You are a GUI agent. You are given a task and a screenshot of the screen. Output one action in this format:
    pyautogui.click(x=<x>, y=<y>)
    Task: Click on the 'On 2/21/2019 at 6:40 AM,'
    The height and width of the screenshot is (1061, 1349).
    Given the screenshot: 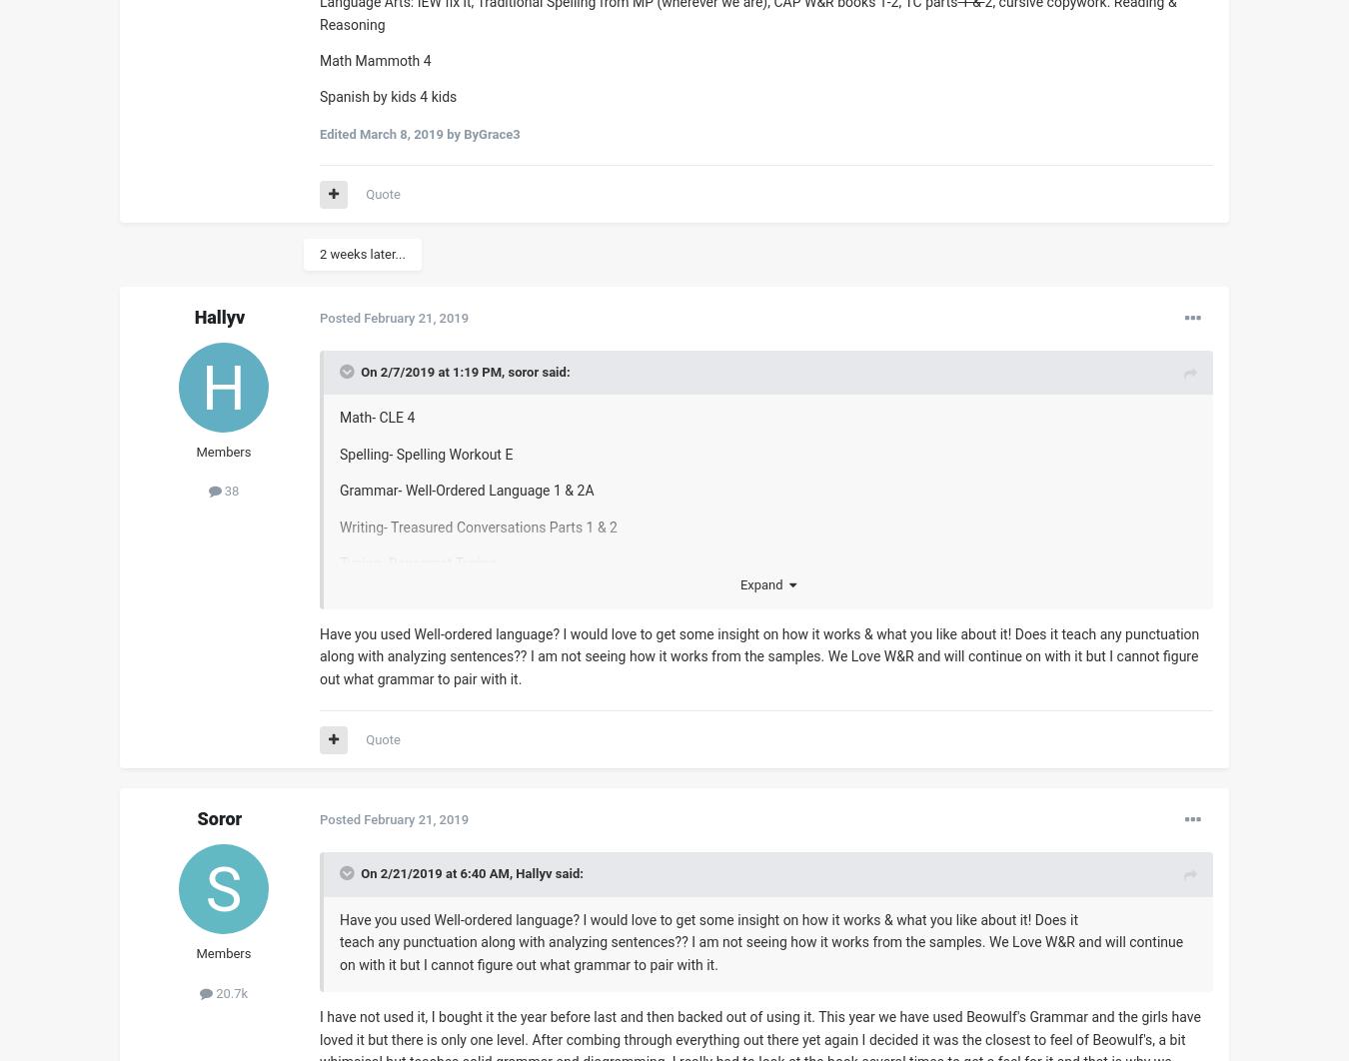 What is the action you would take?
    pyautogui.click(x=360, y=872)
    